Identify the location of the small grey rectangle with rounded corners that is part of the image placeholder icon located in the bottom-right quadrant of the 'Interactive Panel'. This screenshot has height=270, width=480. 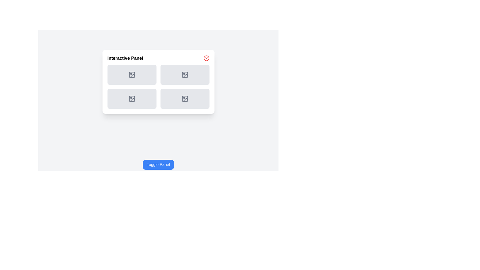
(184, 98).